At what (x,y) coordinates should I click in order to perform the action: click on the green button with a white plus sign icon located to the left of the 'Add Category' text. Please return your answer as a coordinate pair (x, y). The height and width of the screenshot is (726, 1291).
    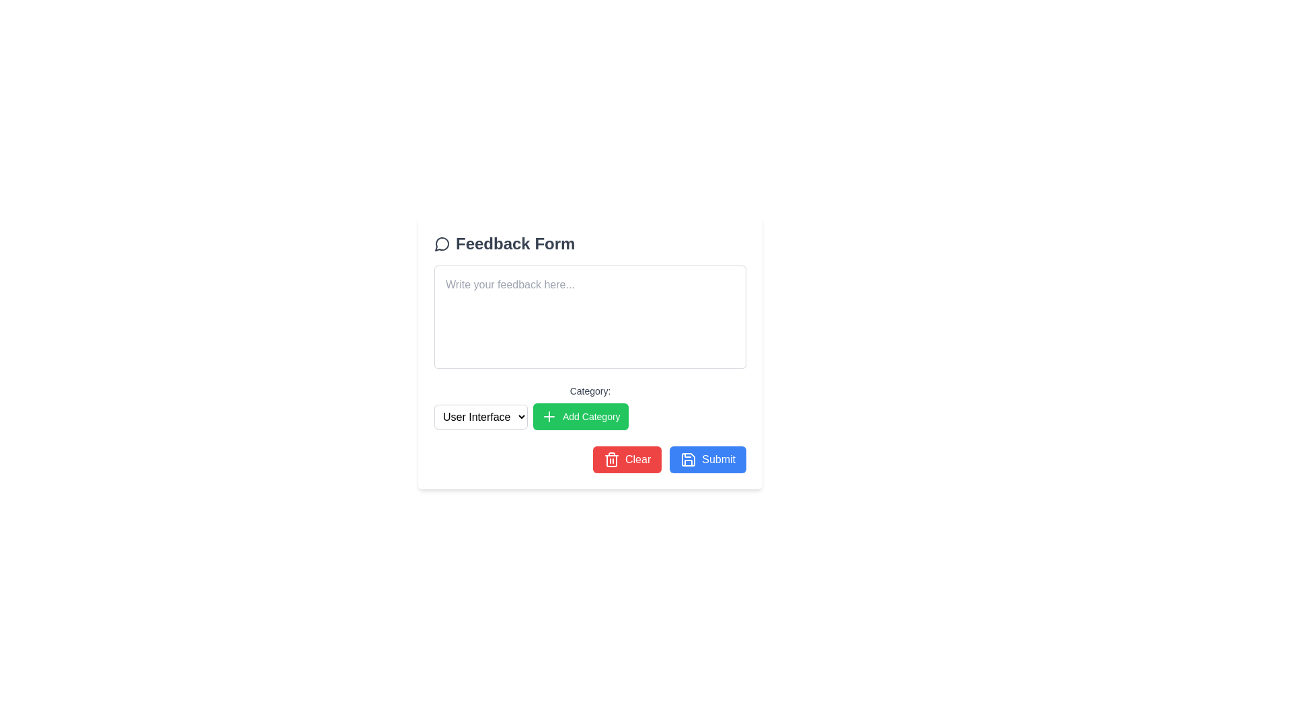
    Looking at the image, I should click on (549, 416).